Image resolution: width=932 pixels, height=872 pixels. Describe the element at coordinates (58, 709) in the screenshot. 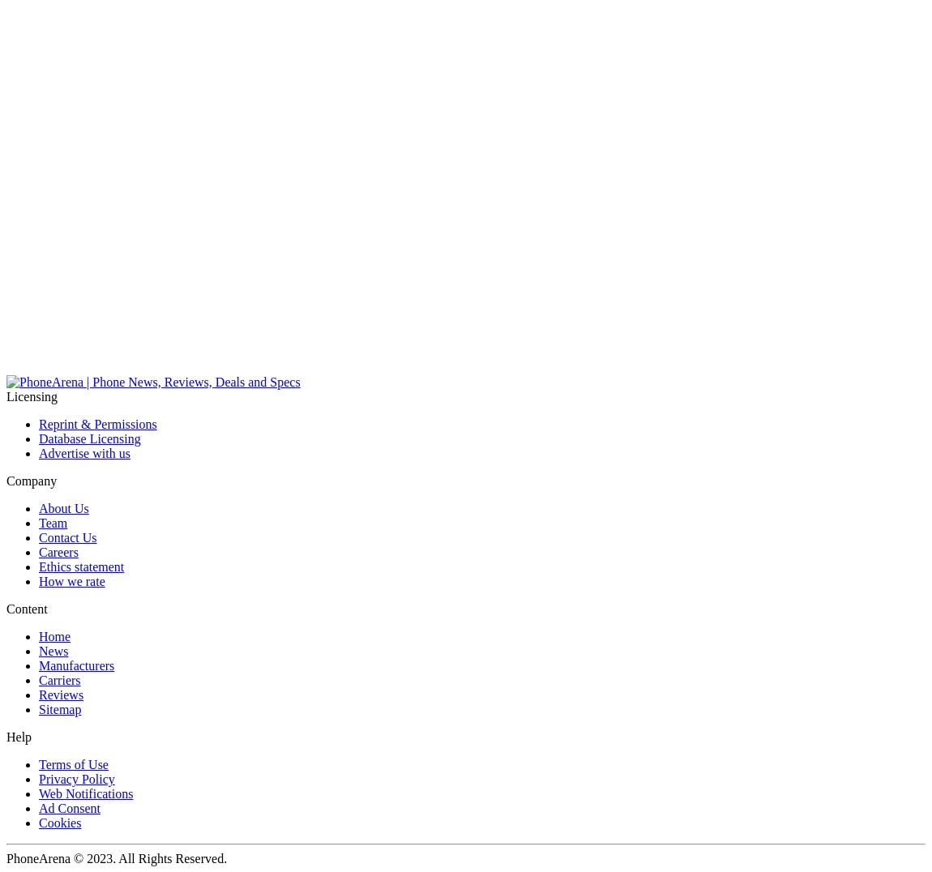

I see `'Sitemap'` at that location.